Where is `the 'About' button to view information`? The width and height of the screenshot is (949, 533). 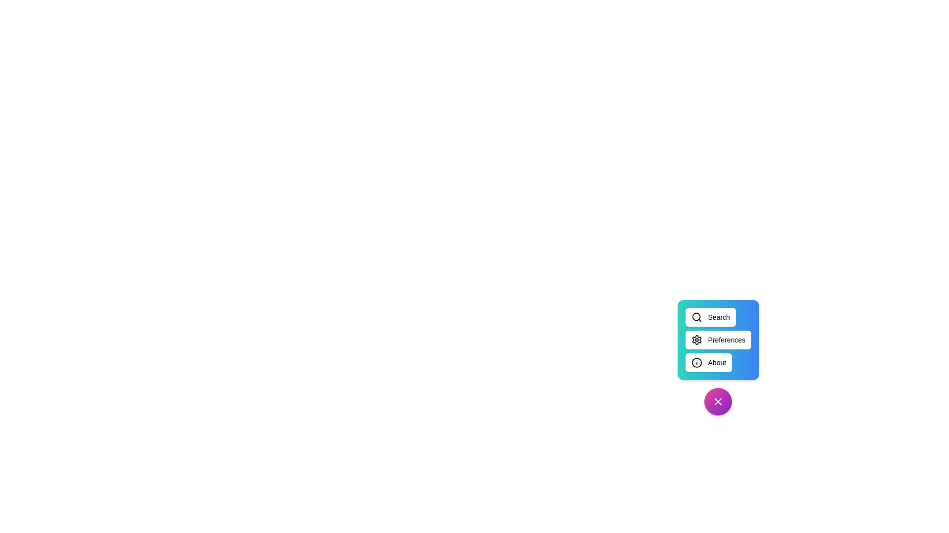
the 'About' button to view information is located at coordinates (708, 363).